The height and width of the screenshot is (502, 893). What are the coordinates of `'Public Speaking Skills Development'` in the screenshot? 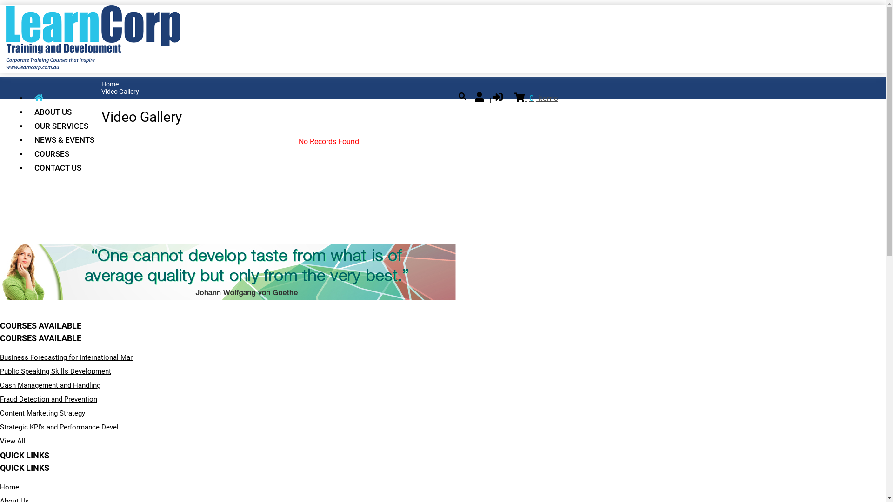 It's located at (55, 370).